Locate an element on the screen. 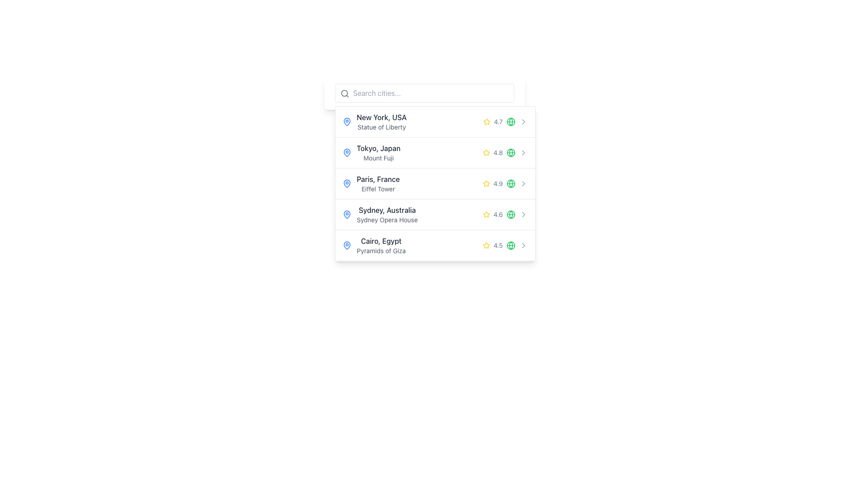 This screenshot has height=484, width=860. the text element displaying 'New York, USA', which serves as the title for the list entry in the vertical menu is located at coordinates (382, 117).